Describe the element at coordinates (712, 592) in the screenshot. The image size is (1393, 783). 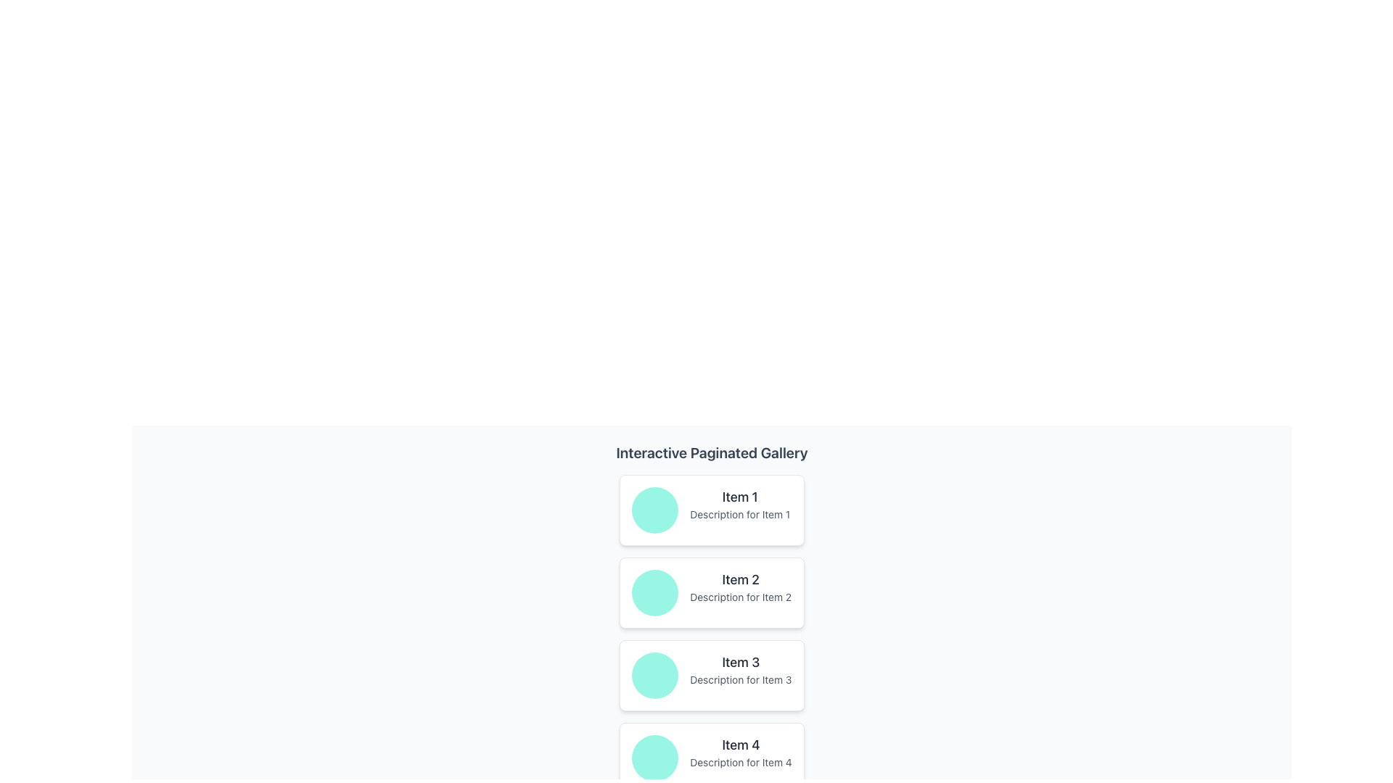
I see `the second card in the vertical list of items` at that location.